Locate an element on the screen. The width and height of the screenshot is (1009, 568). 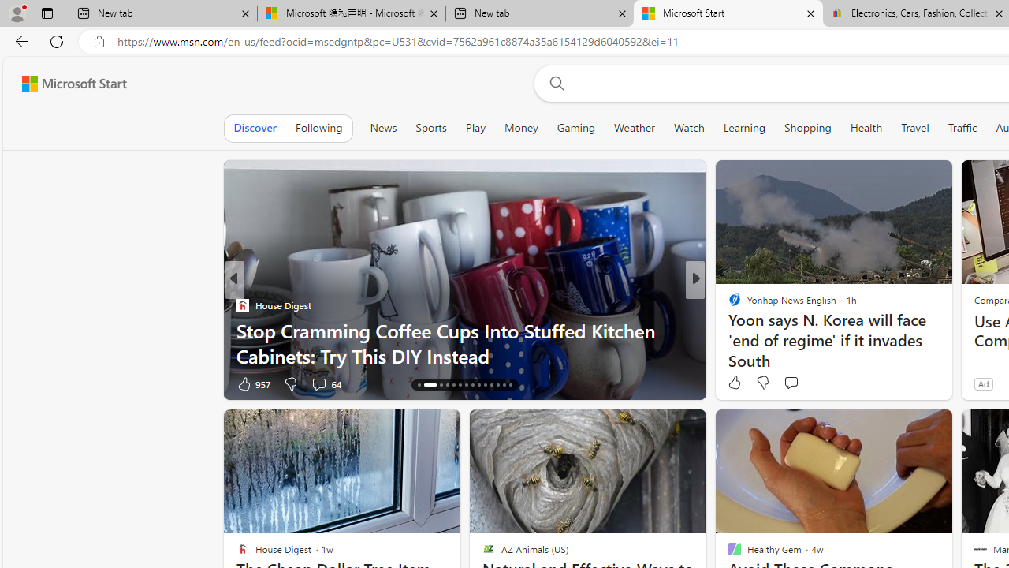
'957 Like' is located at coordinates (252, 383).